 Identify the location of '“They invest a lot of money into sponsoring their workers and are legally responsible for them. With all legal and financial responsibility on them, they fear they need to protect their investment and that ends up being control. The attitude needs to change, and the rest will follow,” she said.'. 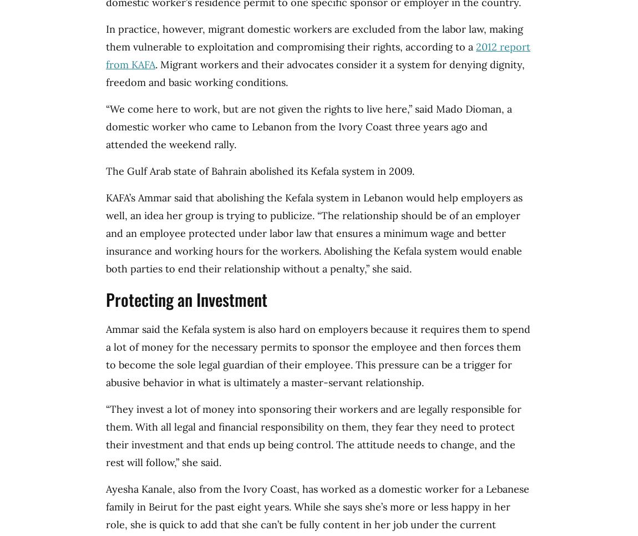
(313, 435).